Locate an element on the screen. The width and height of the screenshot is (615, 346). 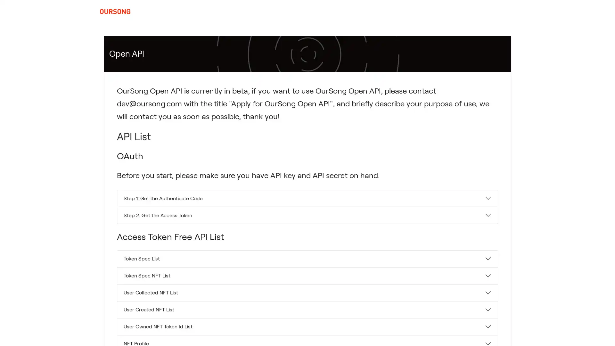
User Created NFT List is located at coordinates (307, 309).